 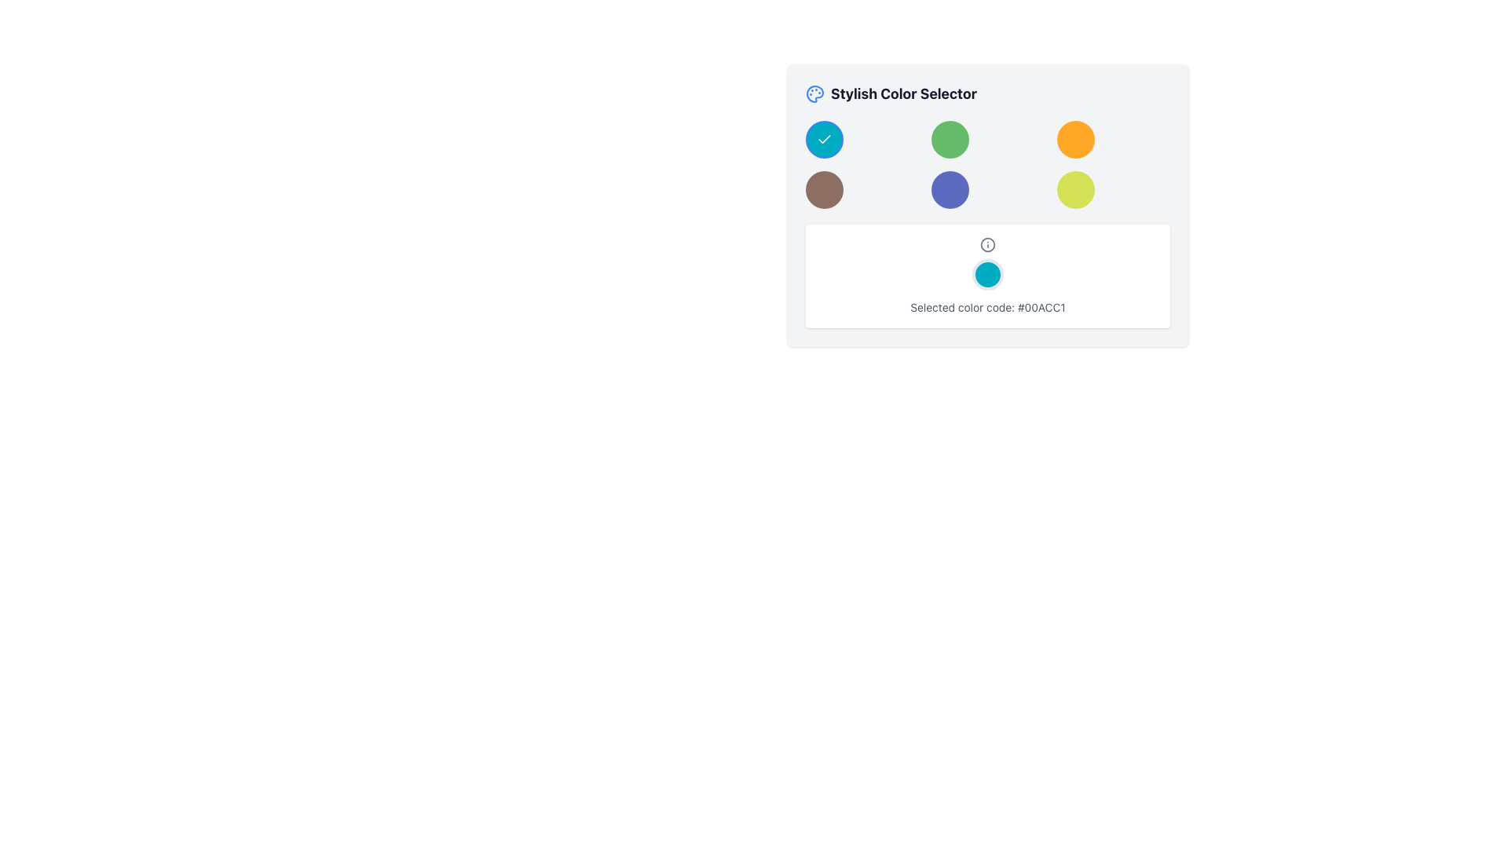 I want to click on the small gray circular information icon located directly above the circular color display element, so click(x=986, y=245).